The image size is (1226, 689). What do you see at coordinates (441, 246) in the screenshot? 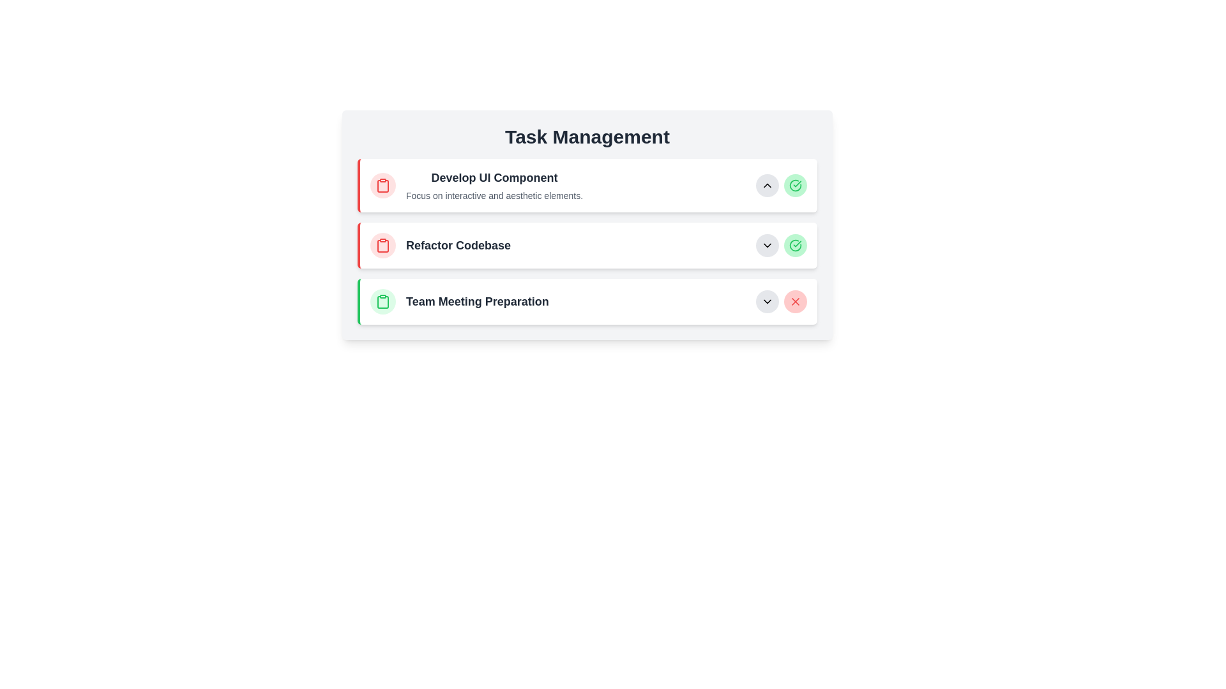
I see `the Task list item labeled 'Refactor Codebase' which is the second item in the task list, positioned below 'Develop UI Component' and above 'Team Meeting Preparation'` at bounding box center [441, 246].